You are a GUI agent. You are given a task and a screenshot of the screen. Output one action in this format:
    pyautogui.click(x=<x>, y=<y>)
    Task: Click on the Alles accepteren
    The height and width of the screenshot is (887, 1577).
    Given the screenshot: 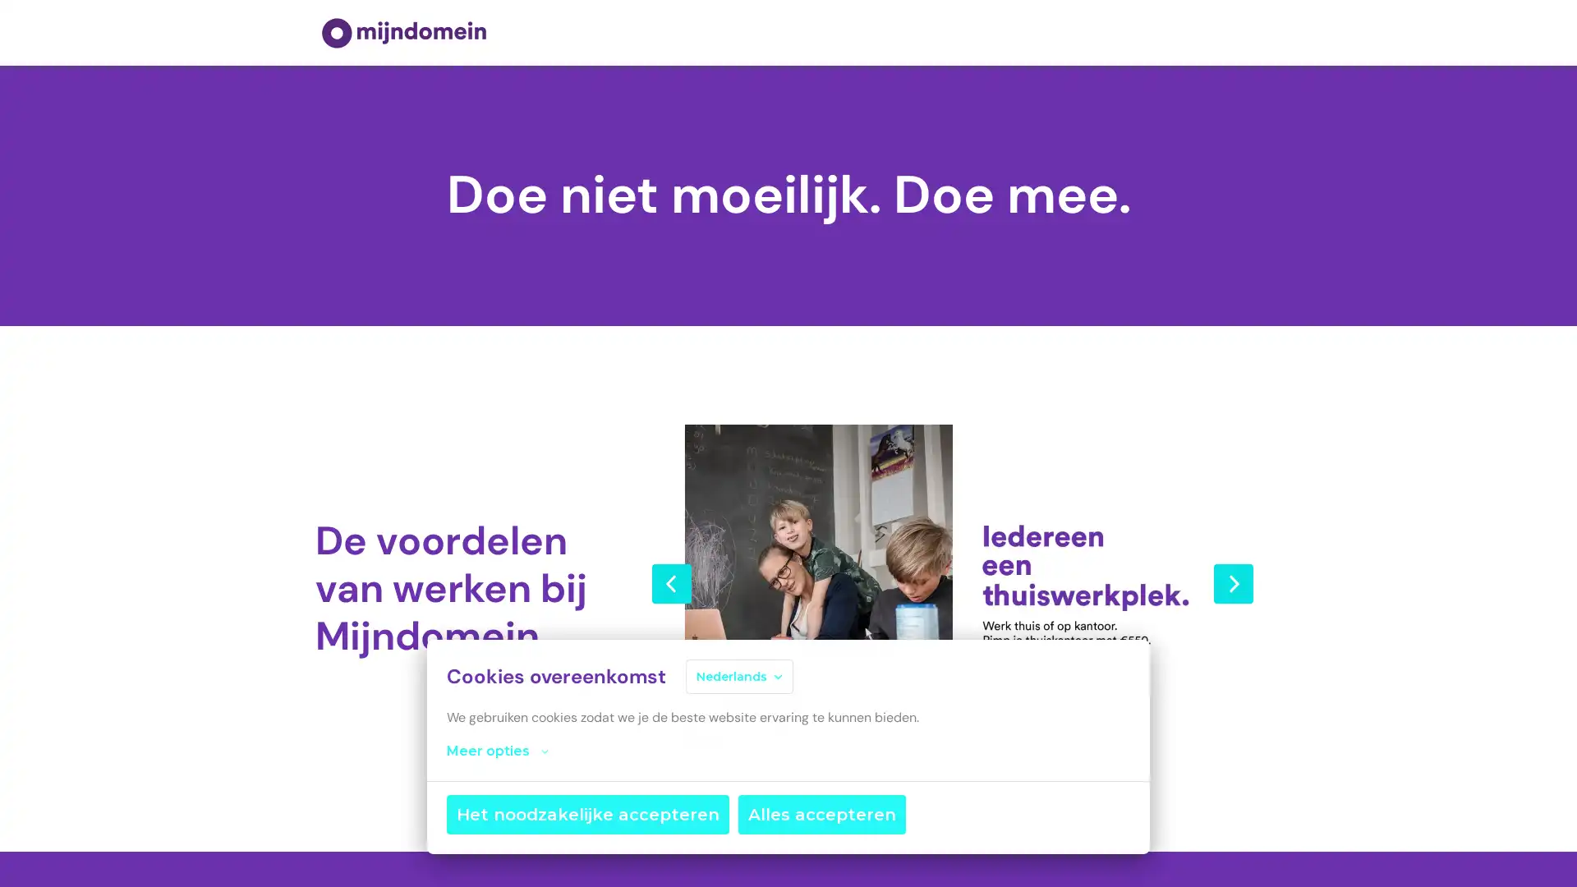 What is the action you would take?
    pyautogui.click(x=822, y=814)
    